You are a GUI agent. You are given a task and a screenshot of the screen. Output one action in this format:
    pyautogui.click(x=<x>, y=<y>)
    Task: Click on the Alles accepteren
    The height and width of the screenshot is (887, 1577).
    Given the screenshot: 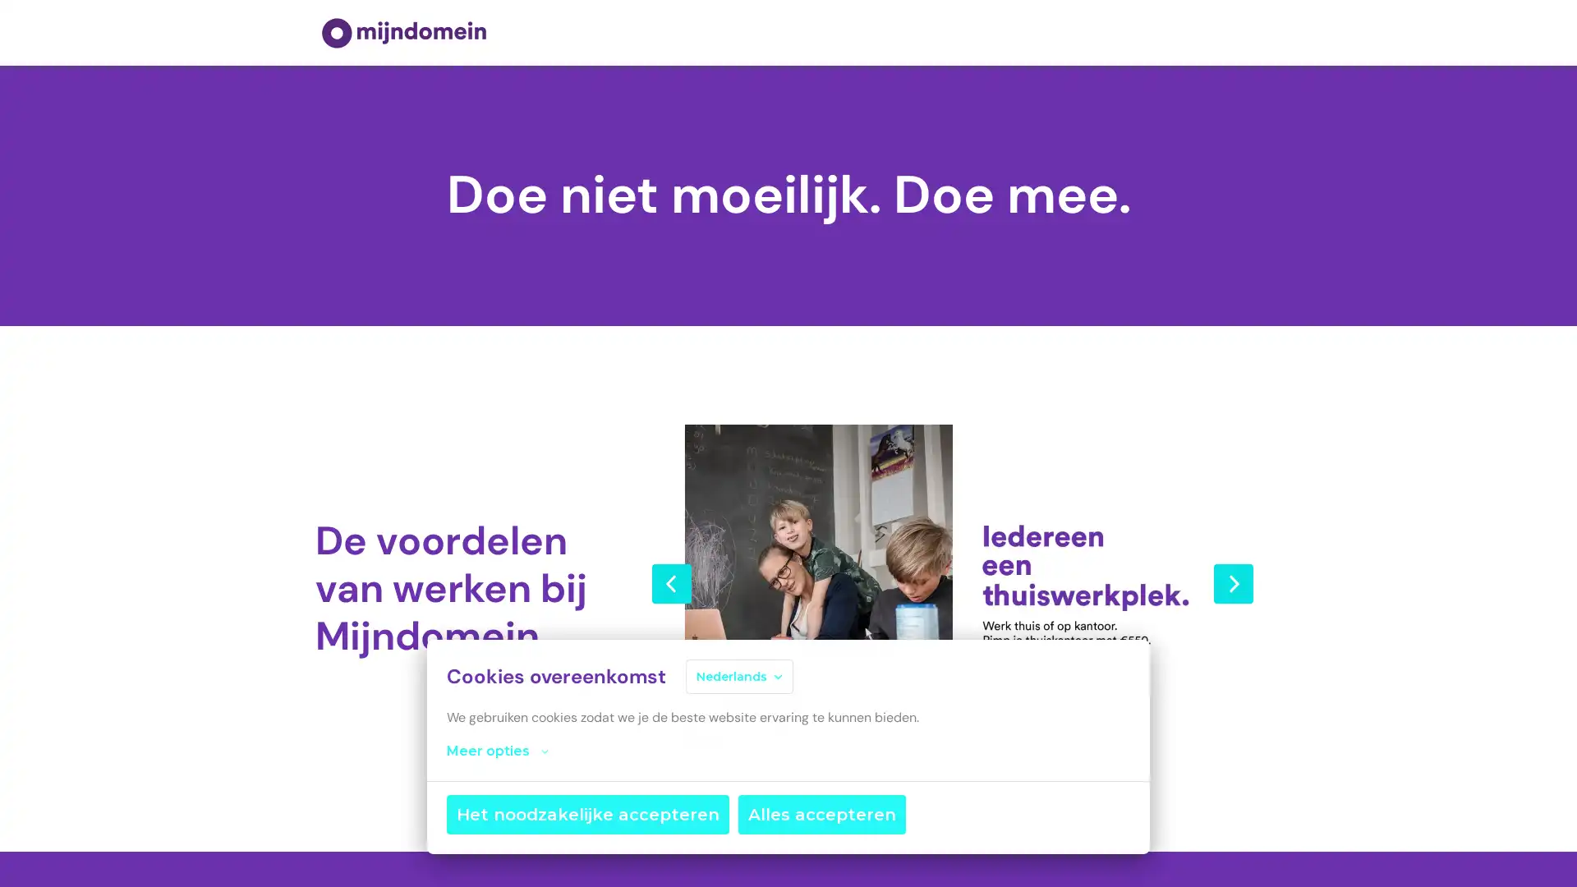 What is the action you would take?
    pyautogui.click(x=822, y=814)
    